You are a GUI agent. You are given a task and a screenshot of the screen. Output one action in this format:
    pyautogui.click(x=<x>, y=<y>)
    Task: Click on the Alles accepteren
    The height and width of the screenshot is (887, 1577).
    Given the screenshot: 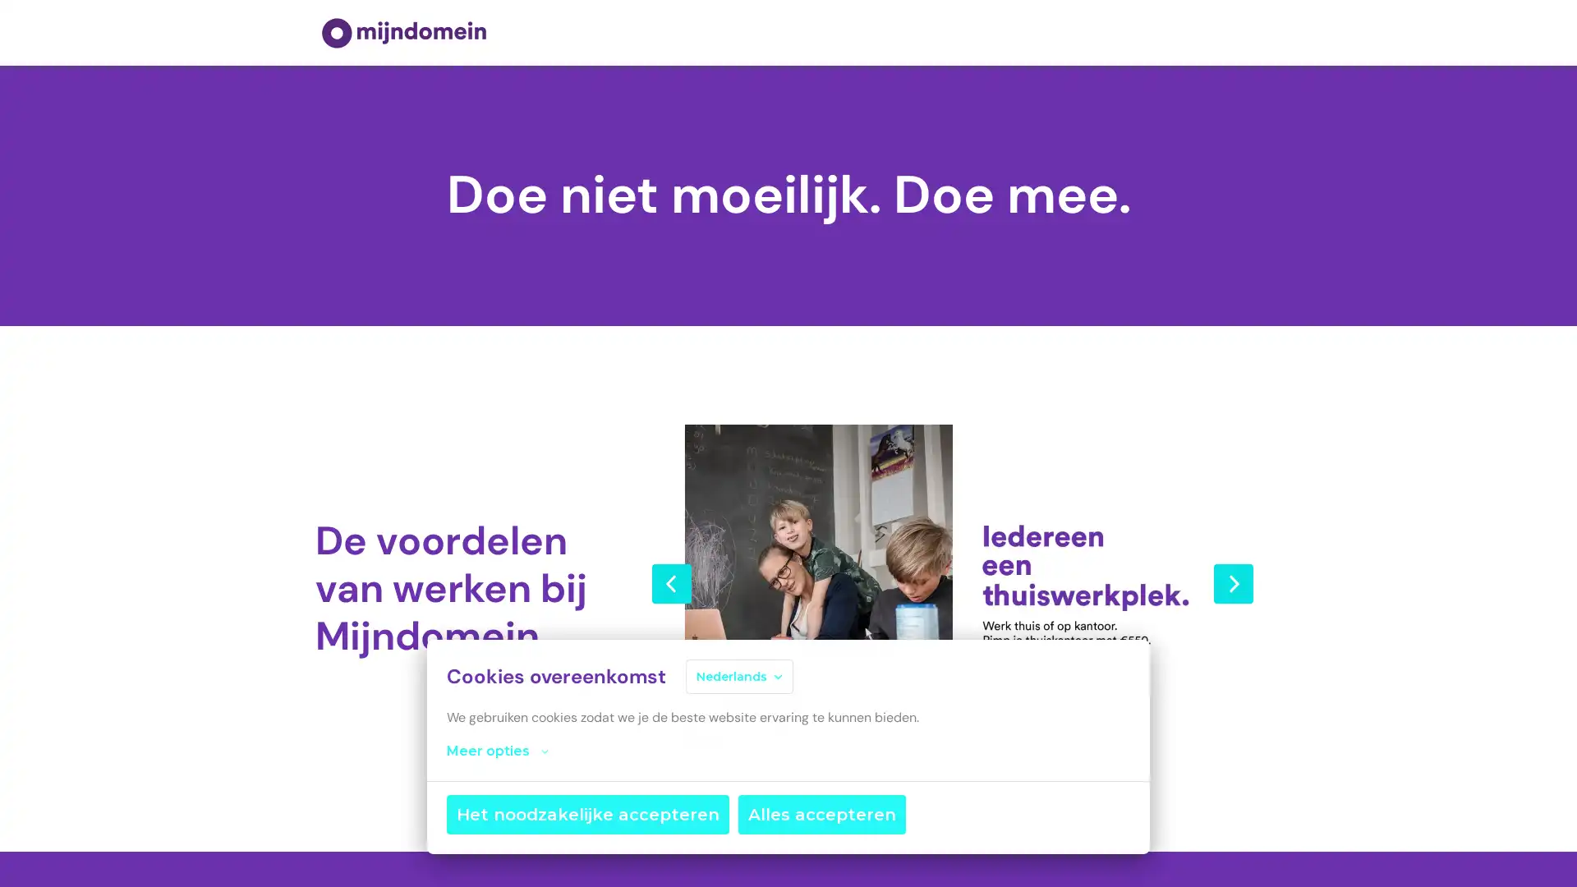 What is the action you would take?
    pyautogui.click(x=822, y=814)
    